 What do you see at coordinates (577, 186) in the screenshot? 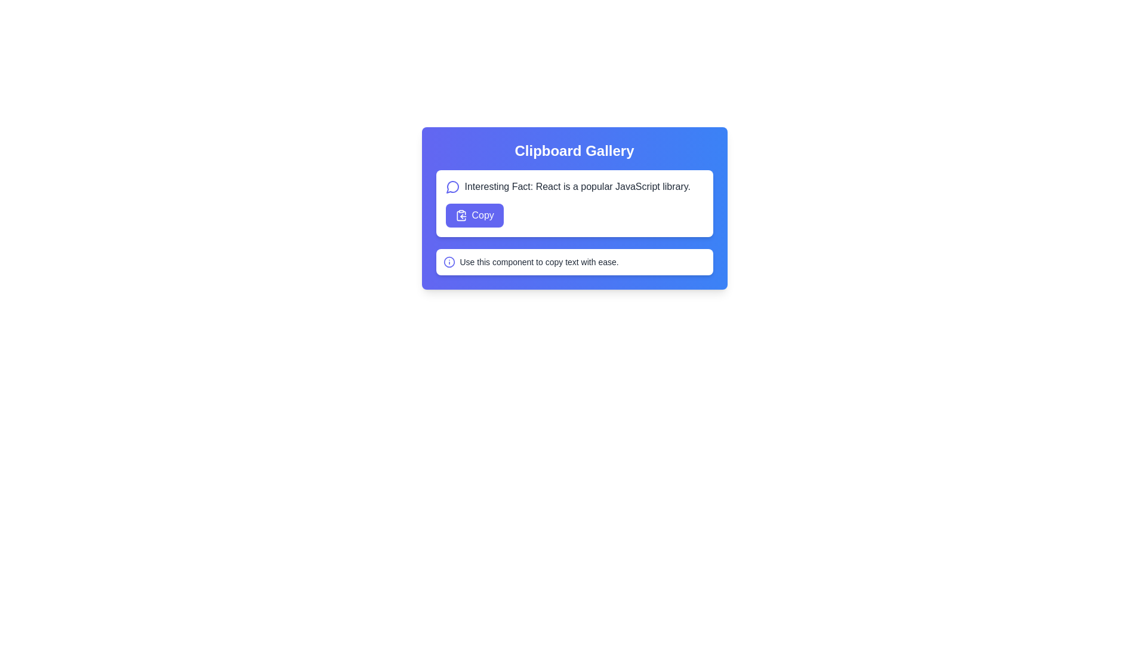
I see `the static text element displaying an intriguing fact about React, which is positioned to the right of a chat bubble icon and centered vertically` at bounding box center [577, 186].